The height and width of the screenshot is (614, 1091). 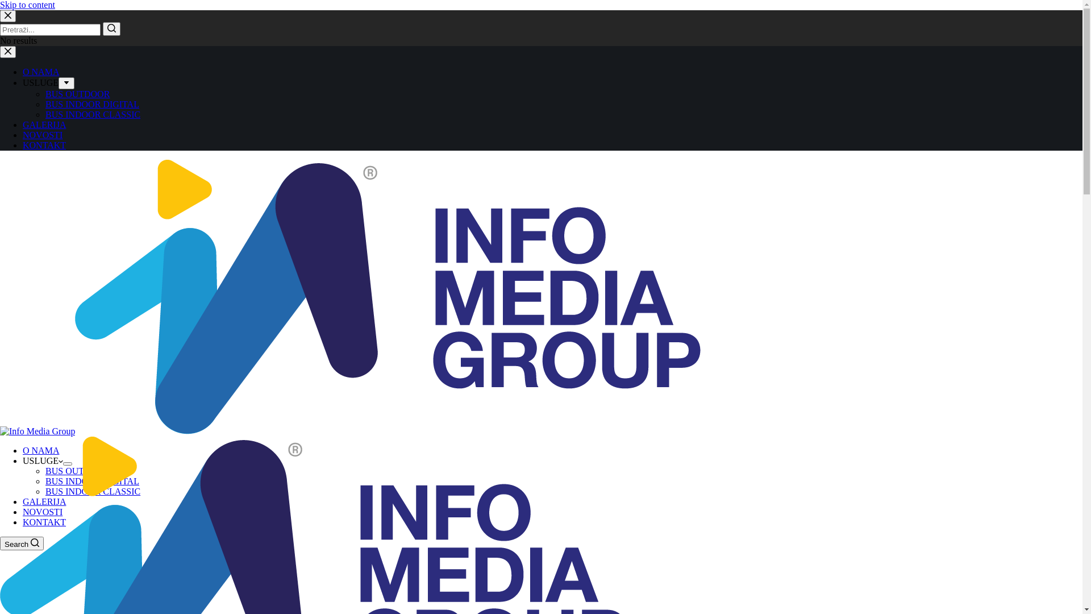 What do you see at coordinates (41, 450) in the screenshot?
I see `'O NAMA'` at bounding box center [41, 450].